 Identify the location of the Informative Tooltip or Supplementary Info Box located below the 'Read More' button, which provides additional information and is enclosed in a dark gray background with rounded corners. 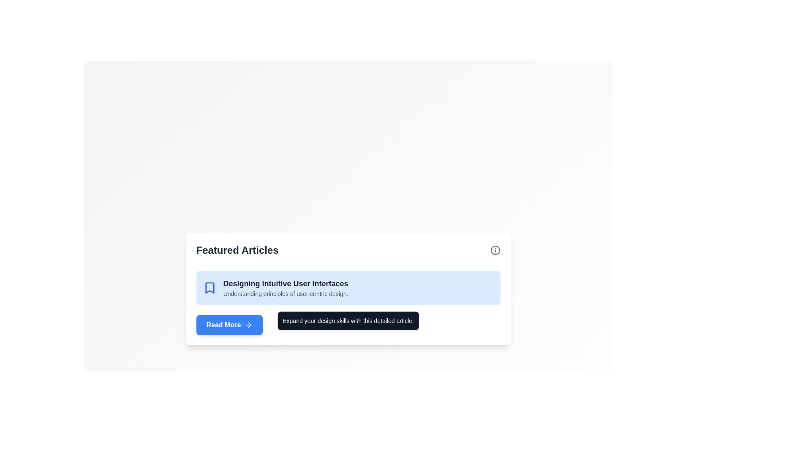
(348, 320).